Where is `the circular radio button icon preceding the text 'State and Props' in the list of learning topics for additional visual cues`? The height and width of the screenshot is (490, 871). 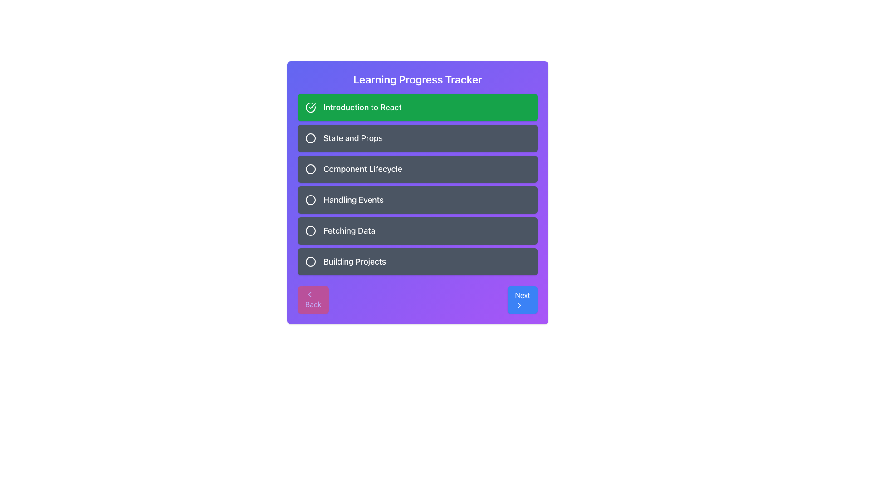 the circular radio button icon preceding the text 'State and Props' in the list of learning topics for additional visual cues is located at coordinates (311, 138).